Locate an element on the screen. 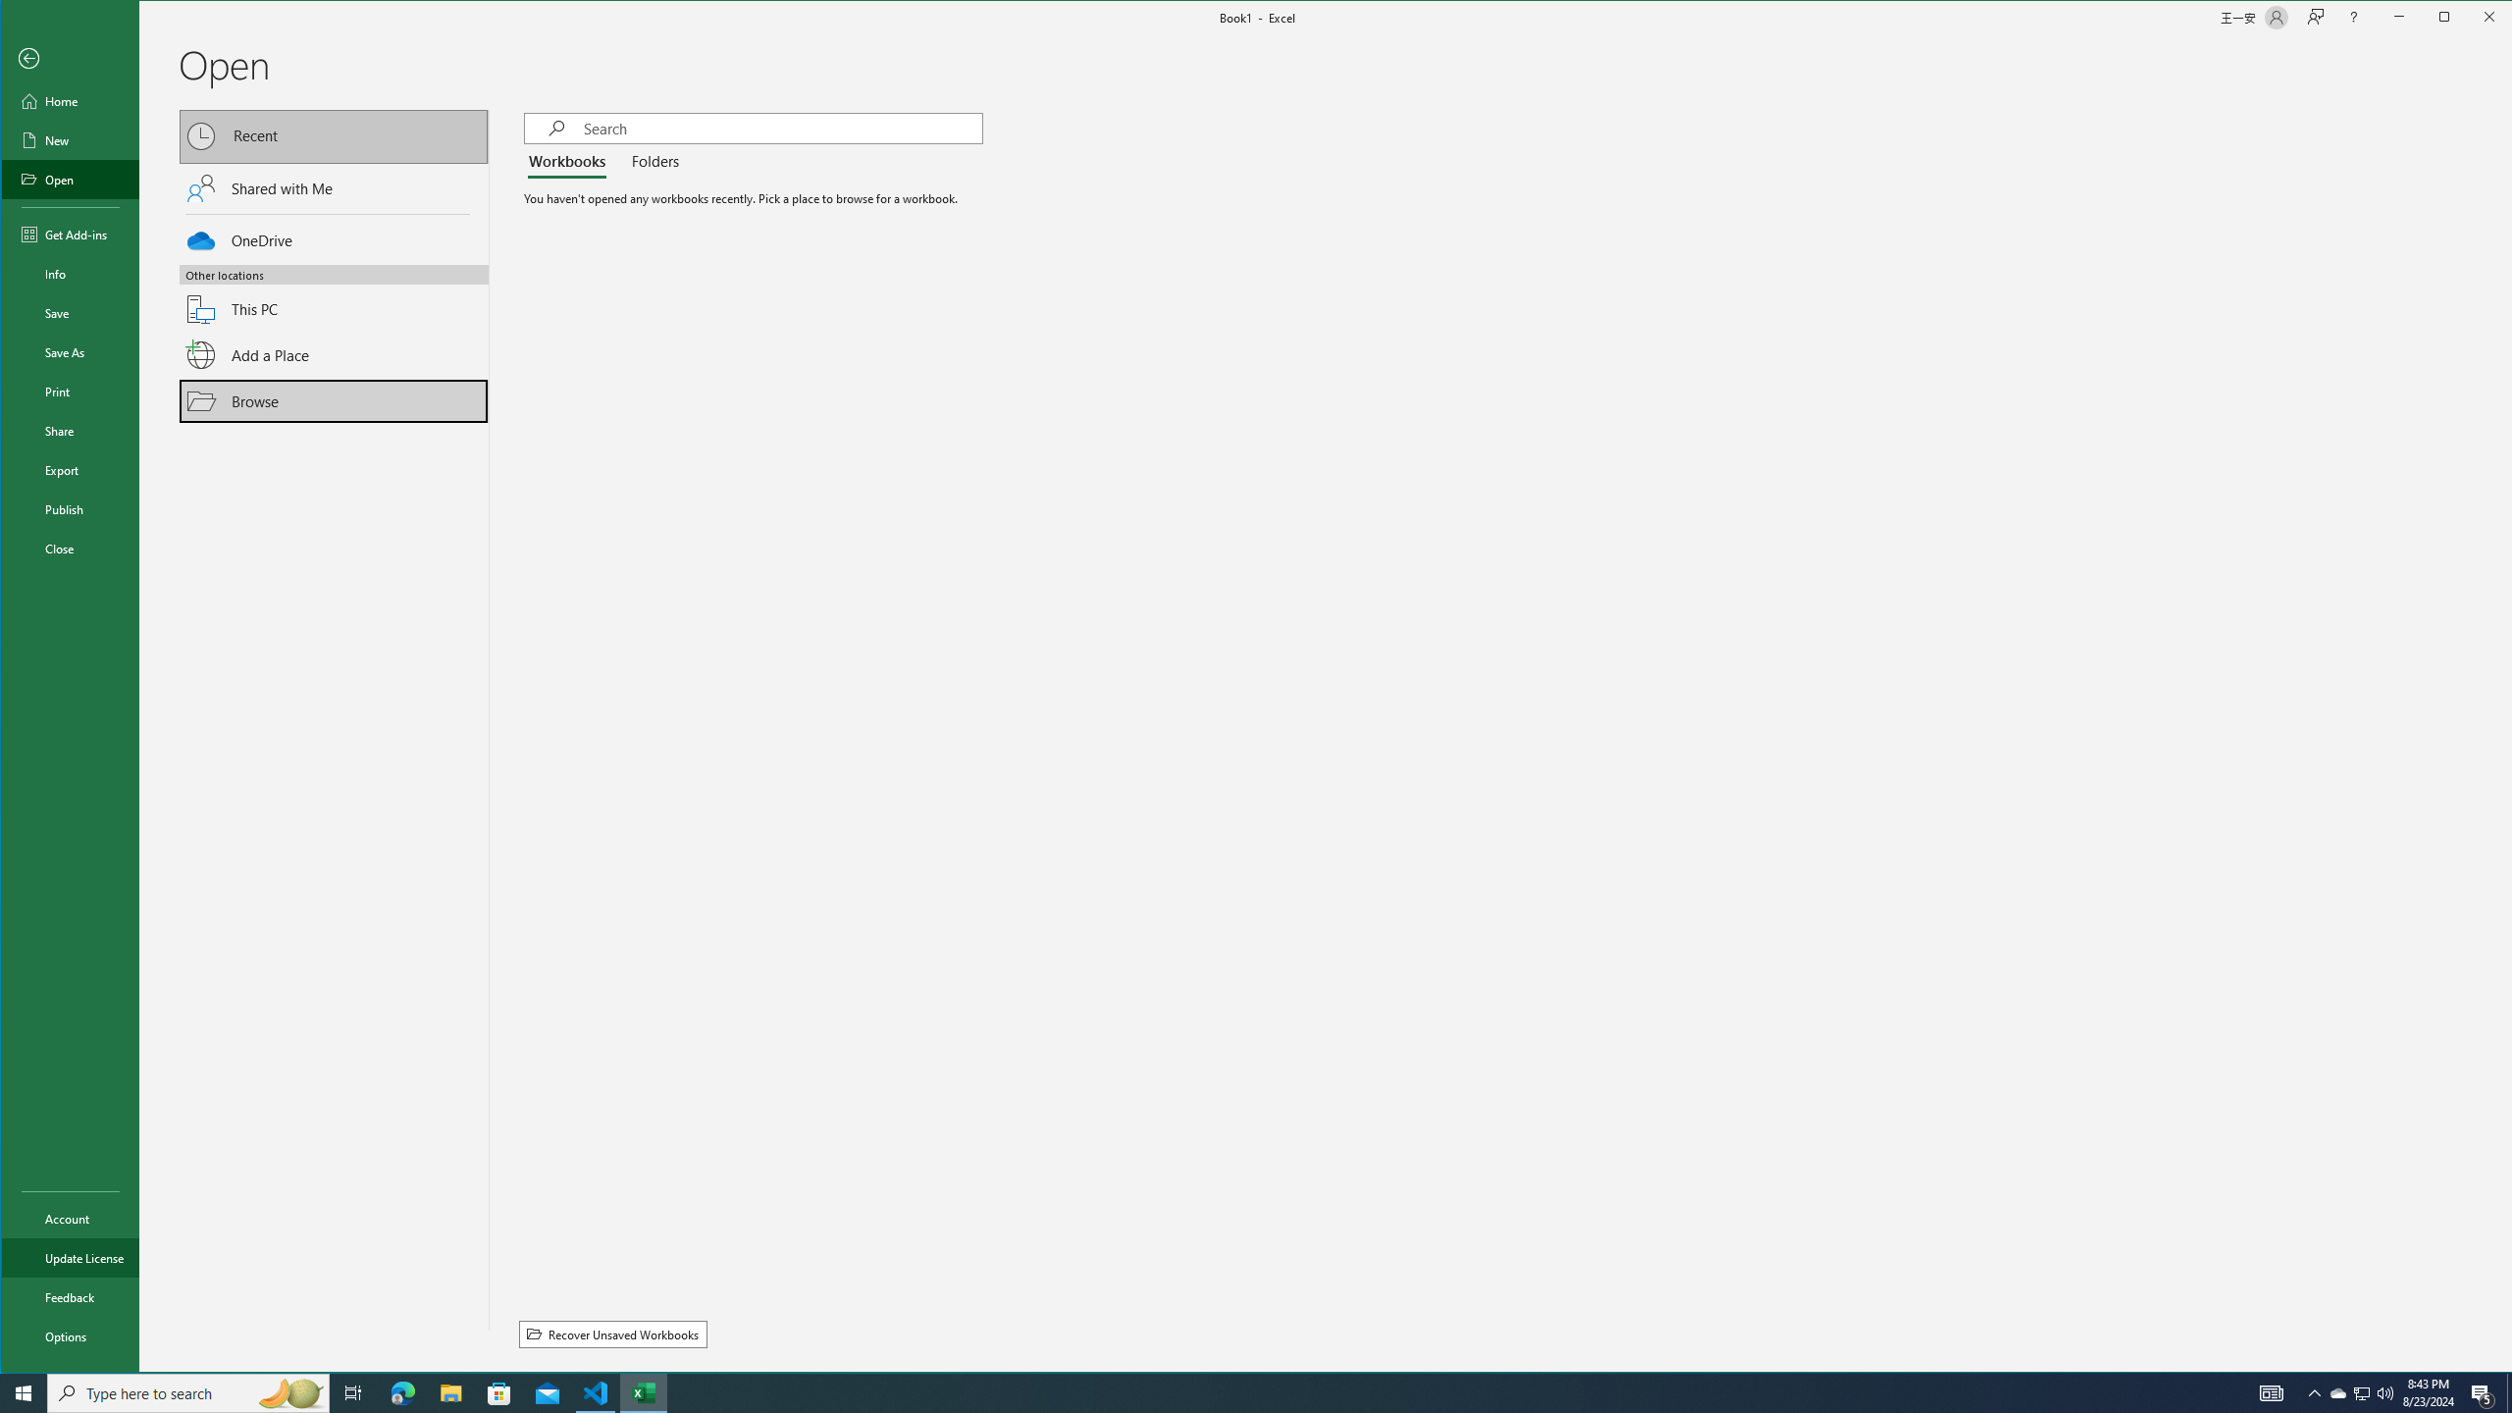 The width and height of the screenshot is (2512, 1413). 'Save As' is located at coordinates (69, 350).